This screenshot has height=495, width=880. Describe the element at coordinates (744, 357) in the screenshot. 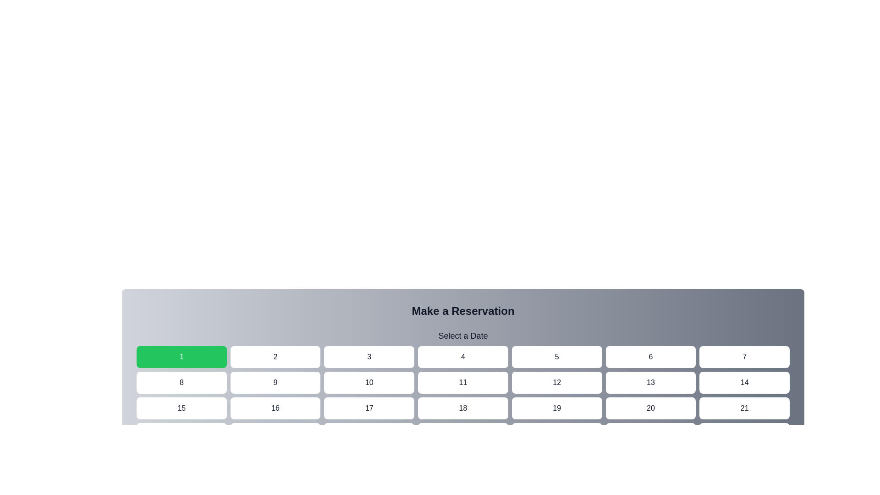

I see `the button that allows users to select the number '7', located in the top row of a grid, seventh from the left, to trigger visual changes` at that location.